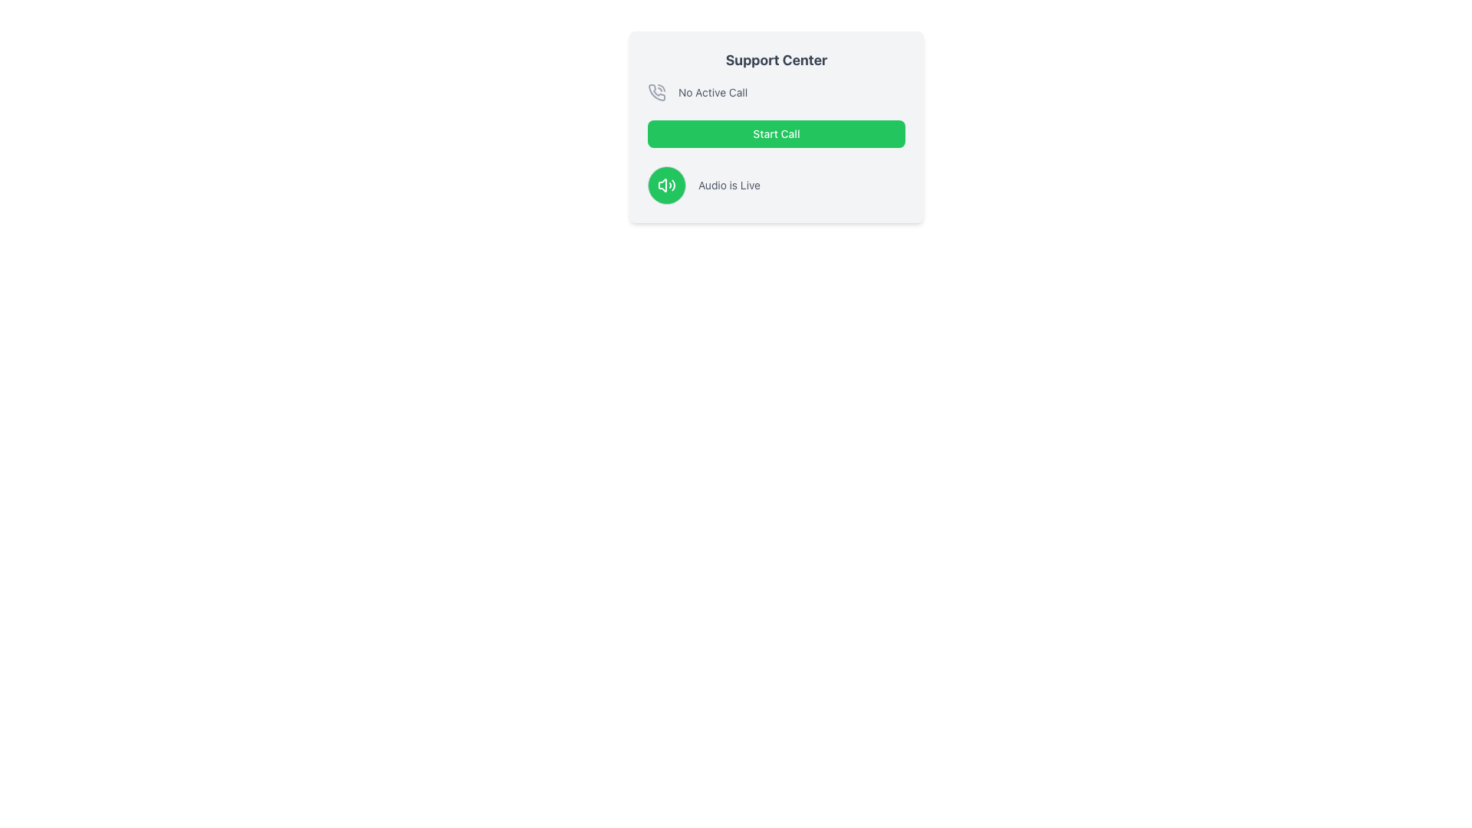  I want to click on the small triangular sound wave icon, which is white and located within a circular green background, positioned to the left of the 'Audio is Live' text, so click(662, 185).